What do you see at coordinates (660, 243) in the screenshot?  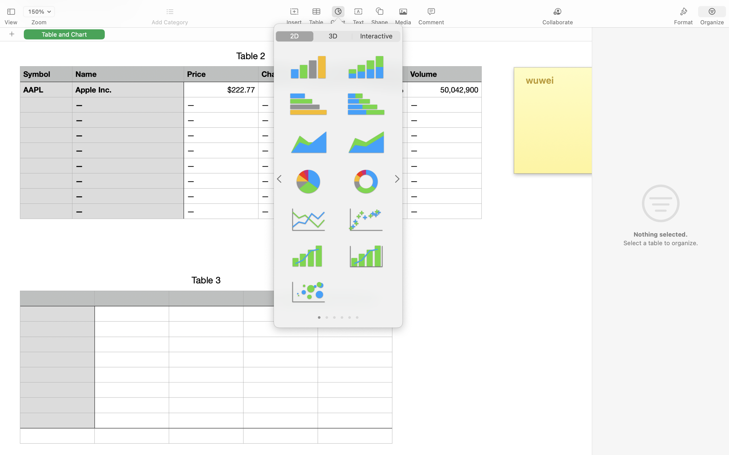 I see `'Select a table to organize.'` at bounding box center [660, 243].